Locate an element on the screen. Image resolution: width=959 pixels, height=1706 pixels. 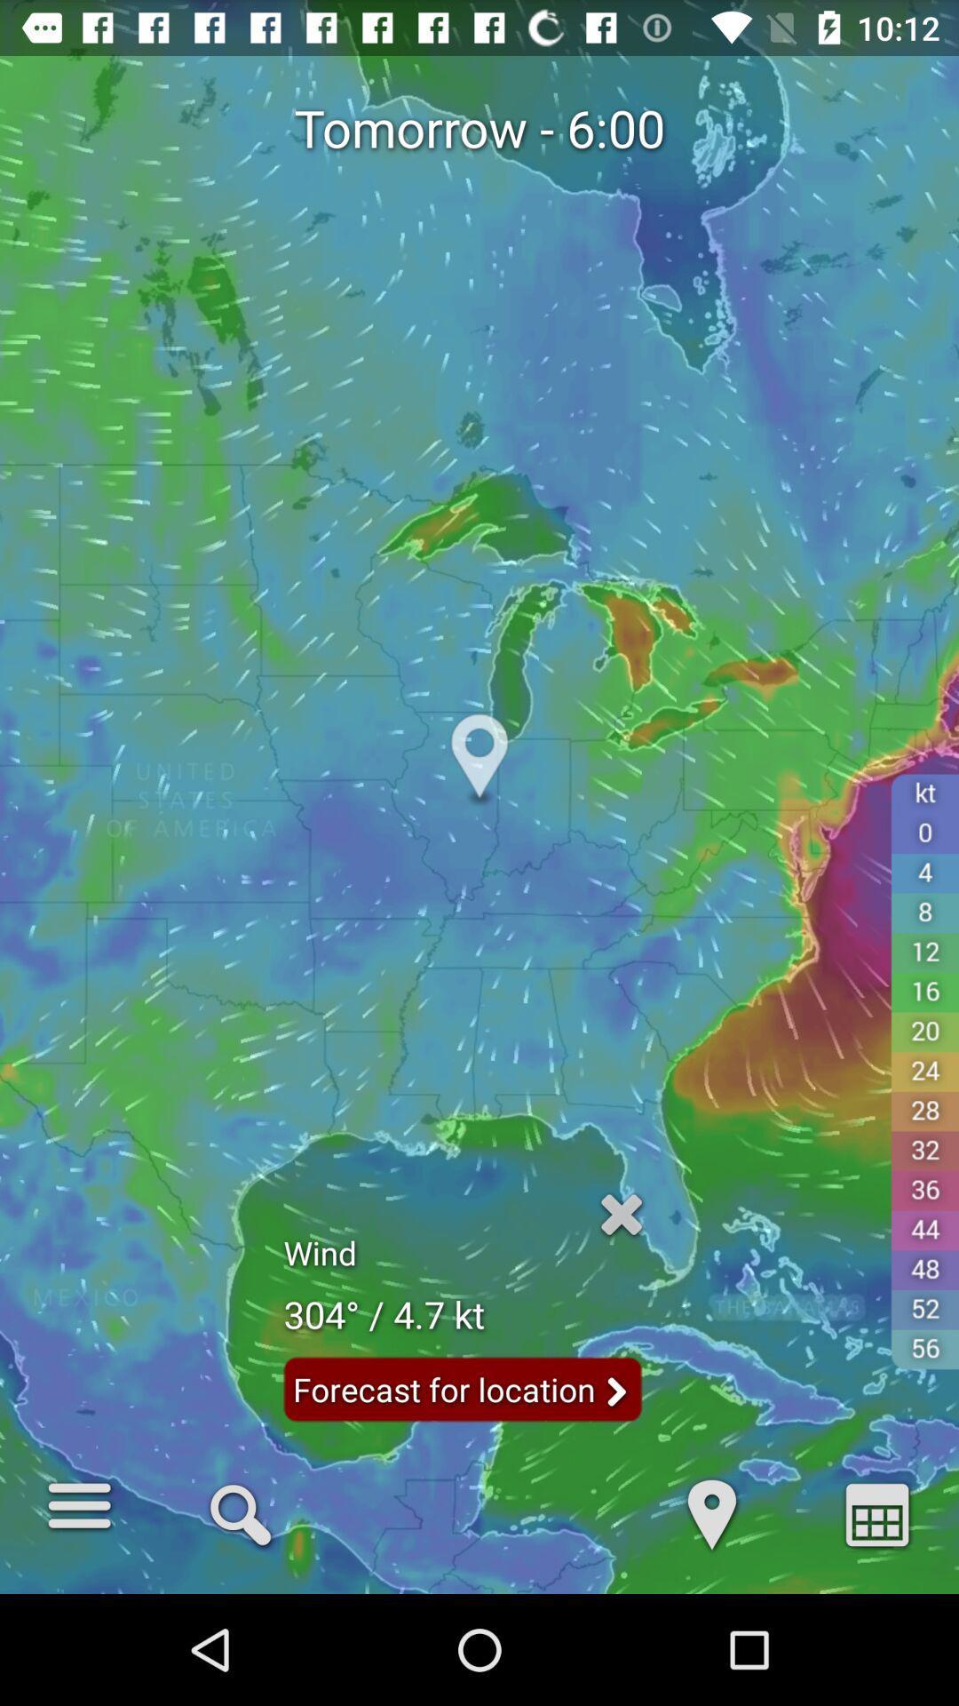
the a item is located at coordinates (876, 1512).